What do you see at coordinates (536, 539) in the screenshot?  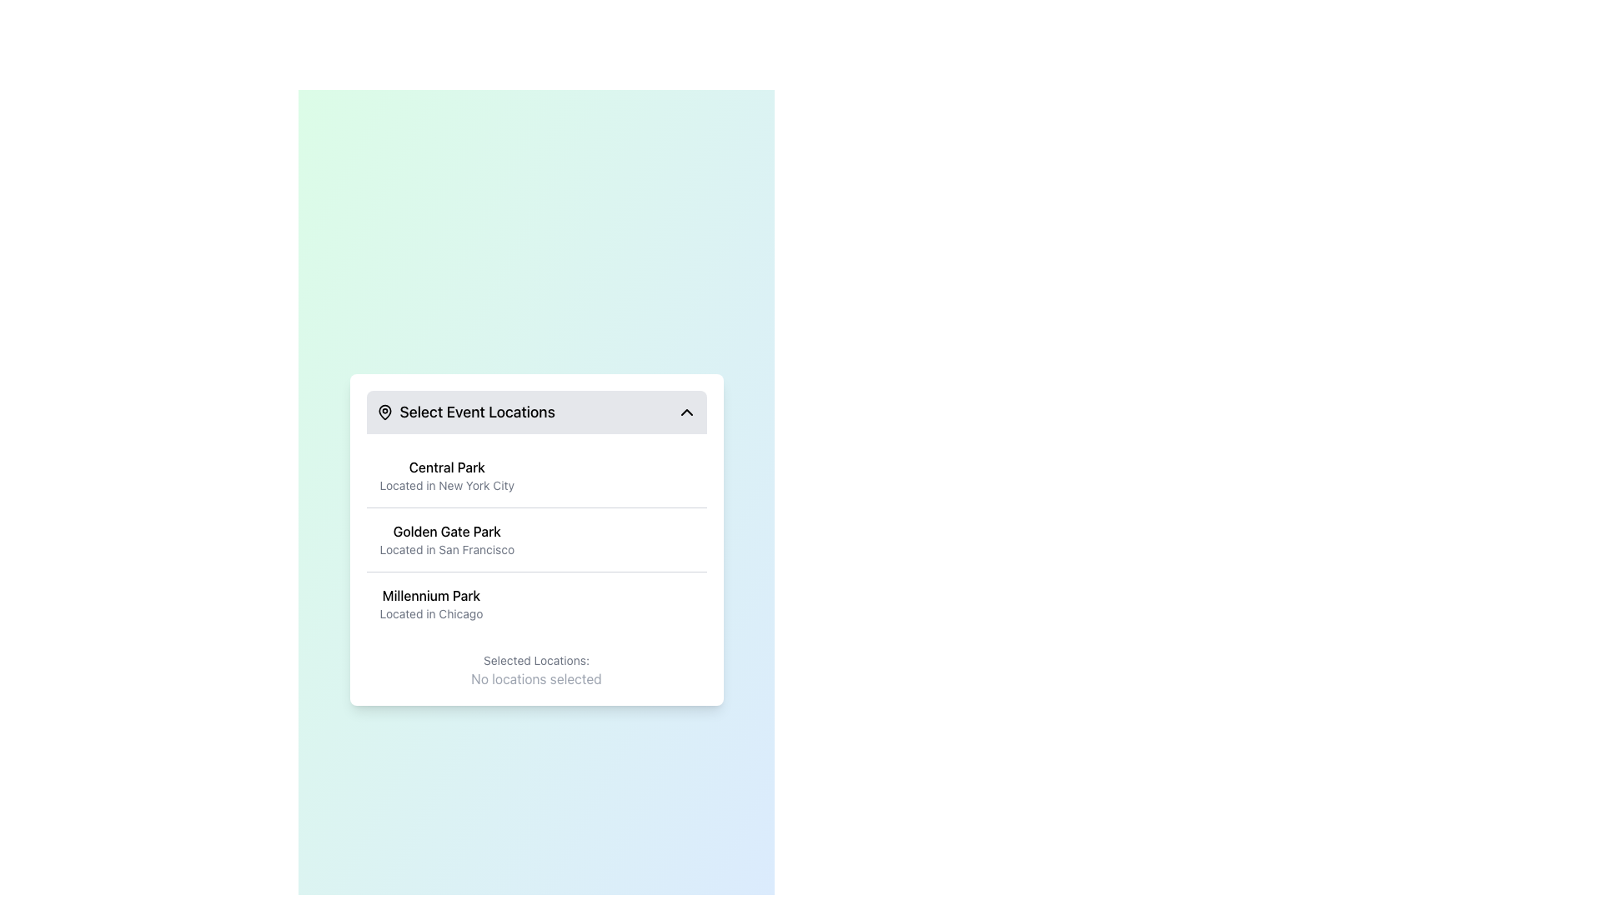 I see `the second item in the list of event location options labeled 'Golden Gate Park', which is located below 'Central Park' and above 'Millennium Park'` at bounding box center [536, 539].